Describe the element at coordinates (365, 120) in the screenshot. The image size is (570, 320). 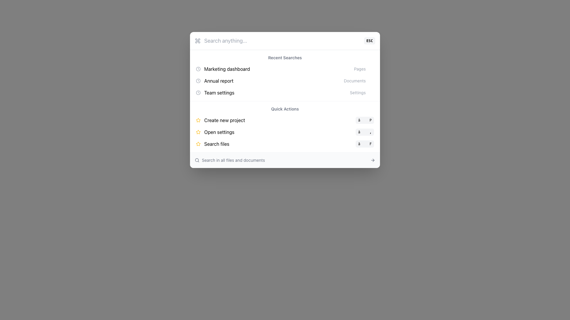
I see `the displayed shortcut key combination for the 'Create new project' action, located at the right end of the button group next to the 'Create new project' text in the 'Quick Actions' section` at that location.